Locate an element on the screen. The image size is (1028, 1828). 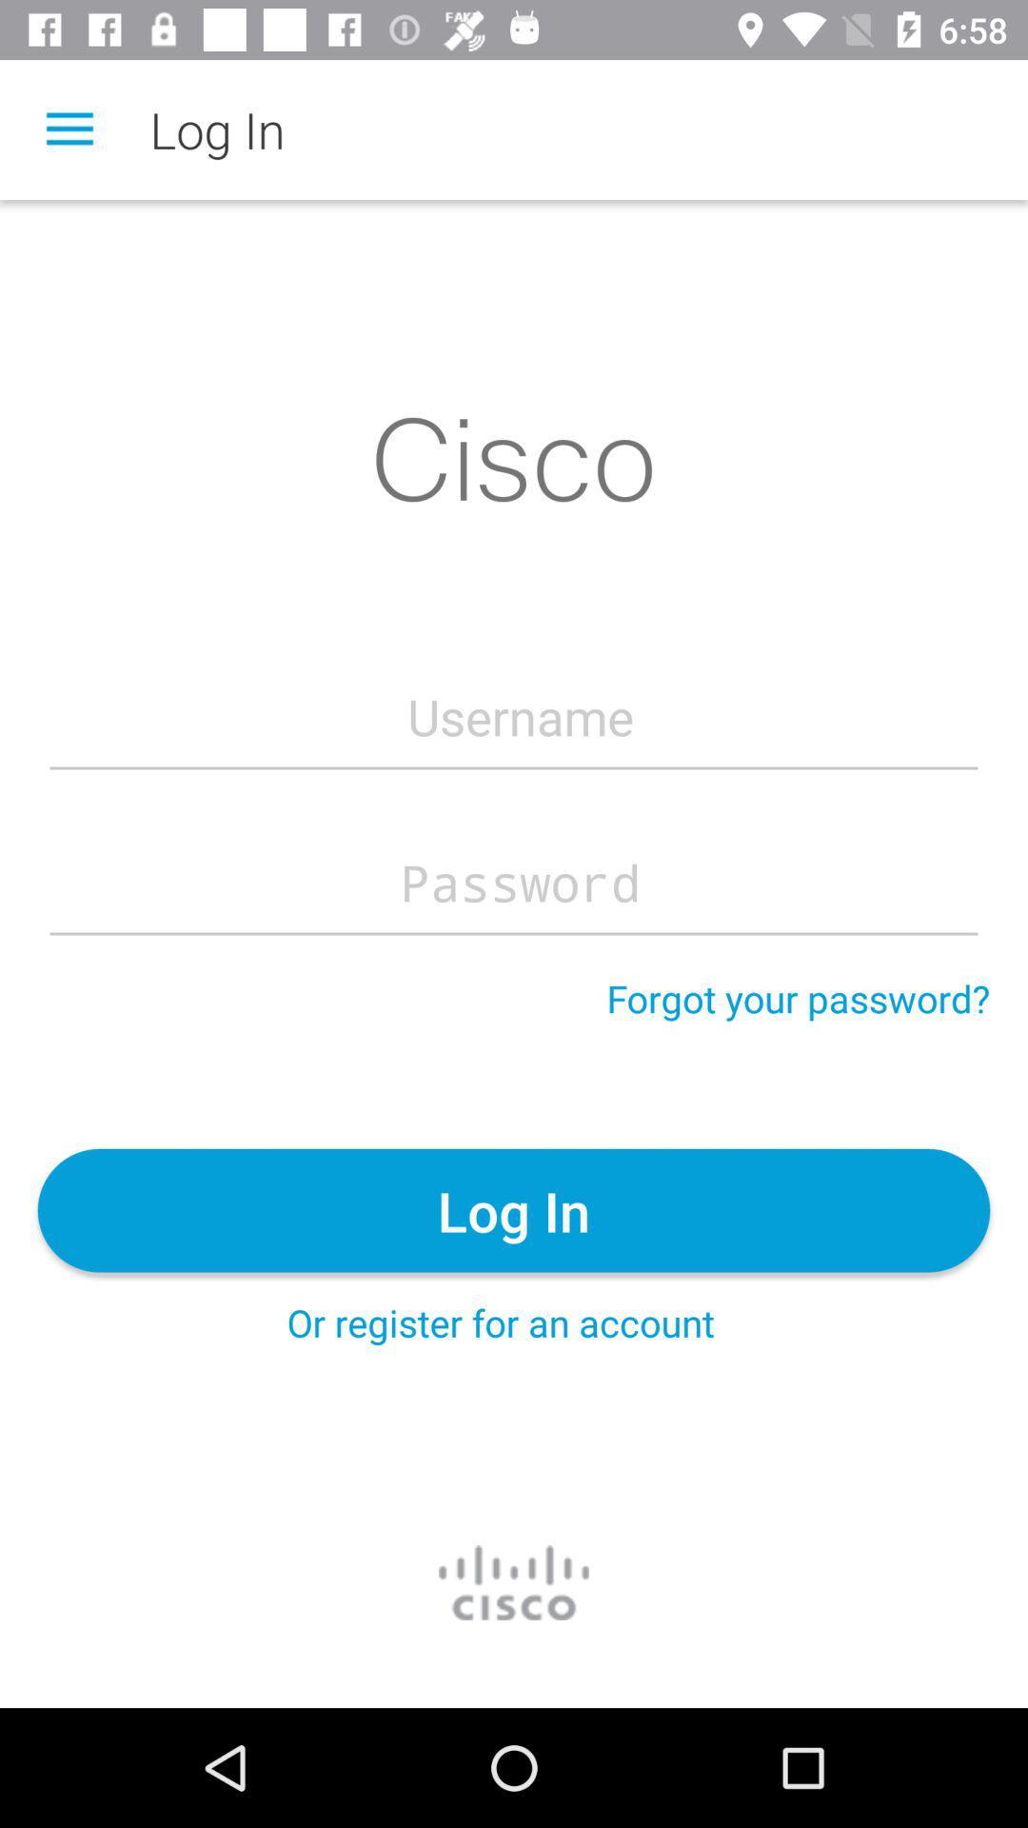
the item below the  cisco  item is located at coordinates (520, 716).